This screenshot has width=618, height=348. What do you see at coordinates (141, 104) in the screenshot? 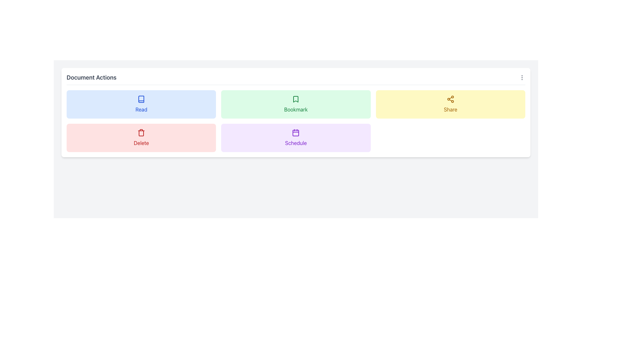
I see `the 'Read' button located in the first column of the top row of the button grid to initiate a 'Read' action` at bounding box center [141, 104].